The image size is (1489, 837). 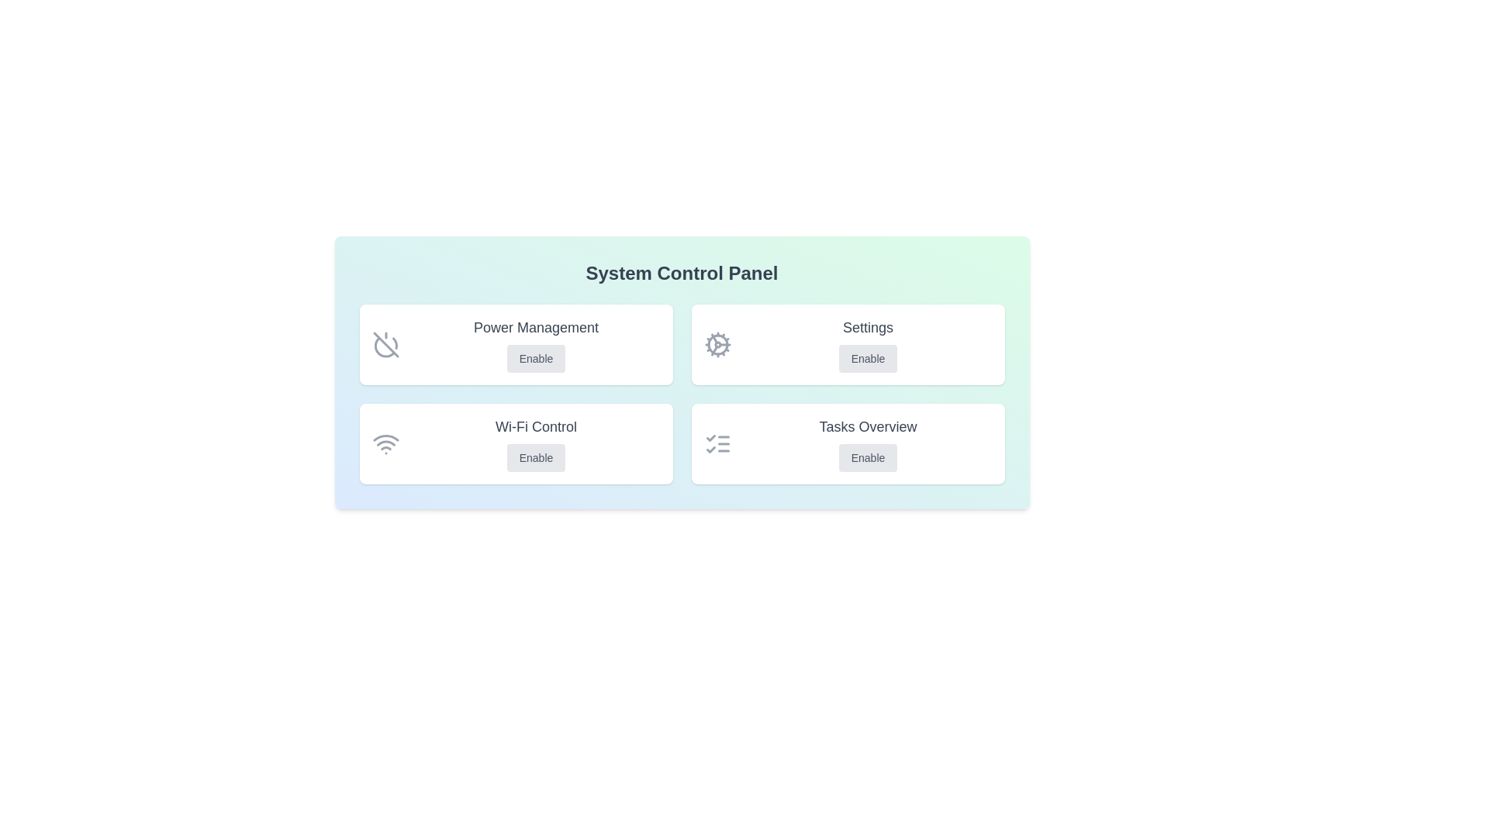 I want to click on the 'Enable' button on the Wi-Fi management card located in the lower-left quadrant of the grid layout, so click(x=516, y=444).